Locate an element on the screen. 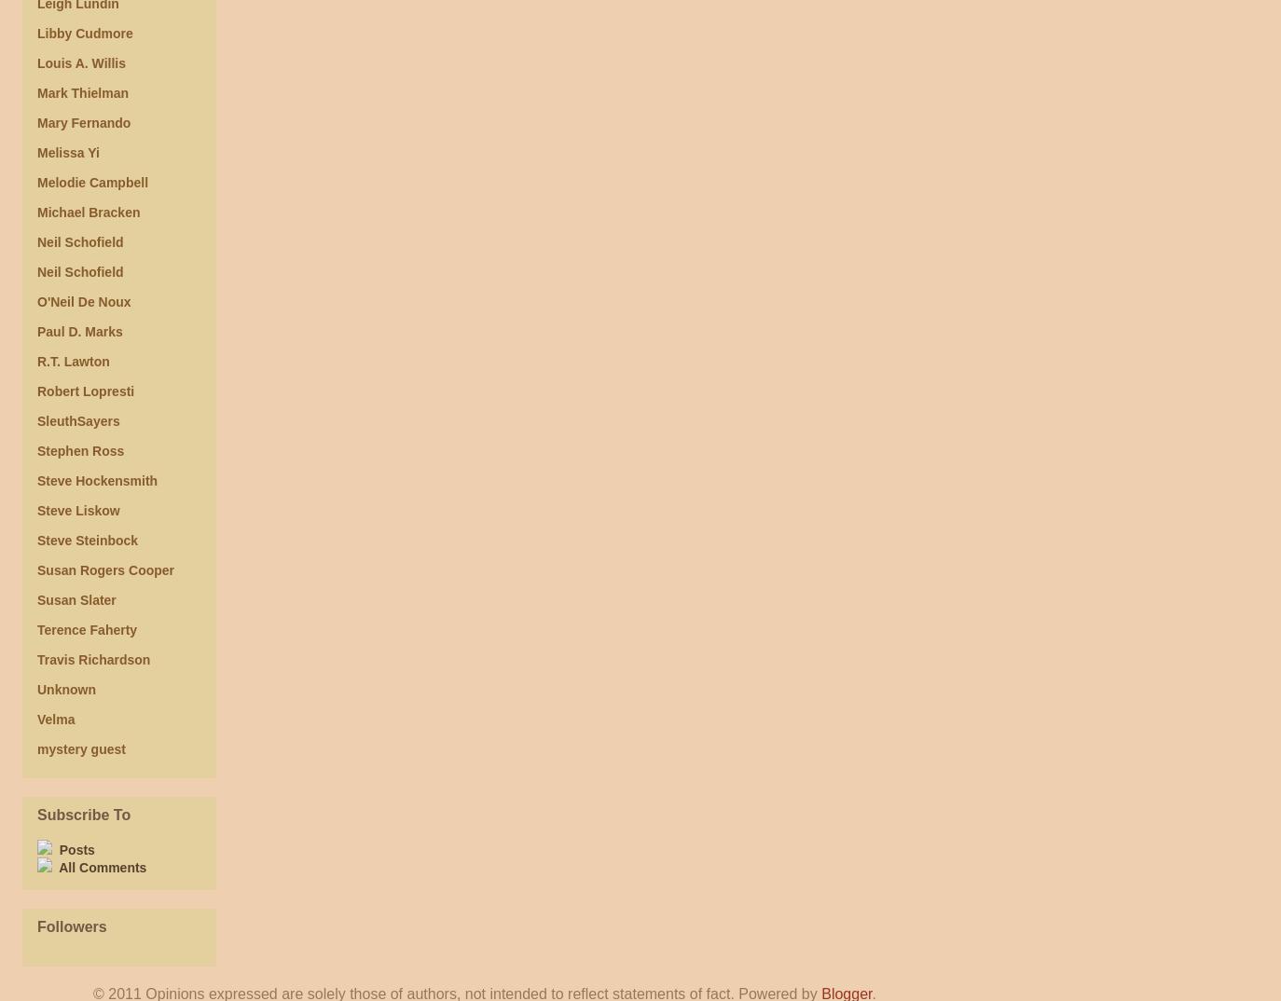  'Mary Fernando' is located at coordinates (82, 121).